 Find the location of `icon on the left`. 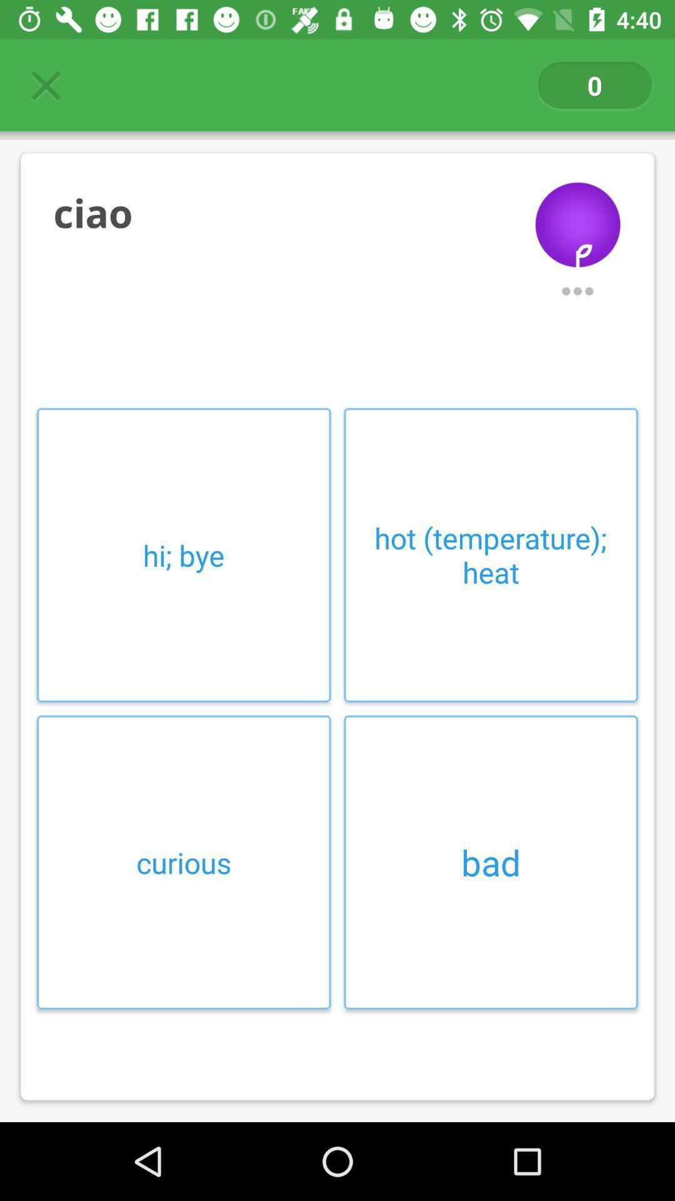

icon on the left is located at coordinates (184, 554).